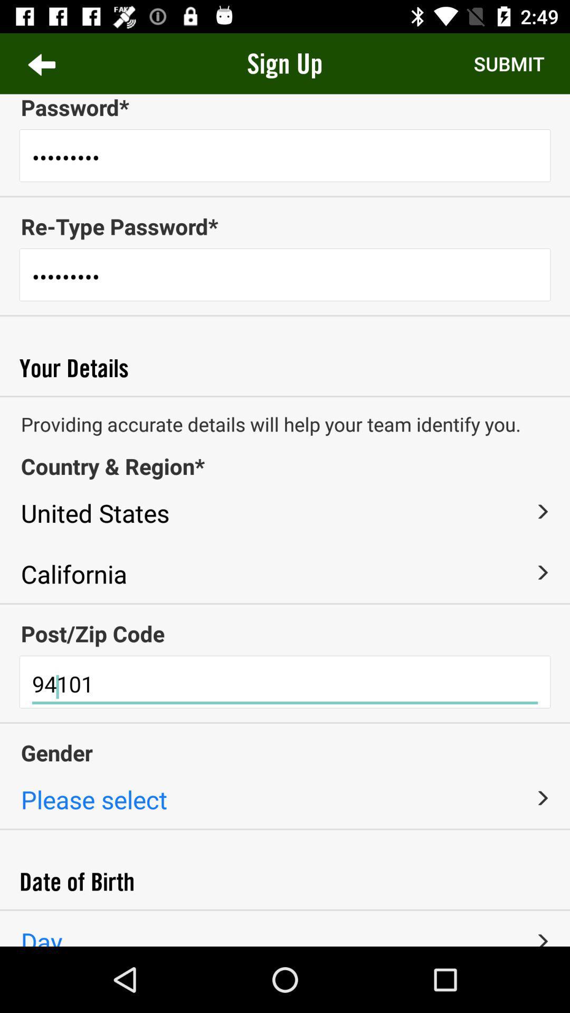 The height and width of the screenshot is (1013, 570). Describe the element at coordinates (285, 396) in the screenshot. I see `the icon below the your details item` at that location.